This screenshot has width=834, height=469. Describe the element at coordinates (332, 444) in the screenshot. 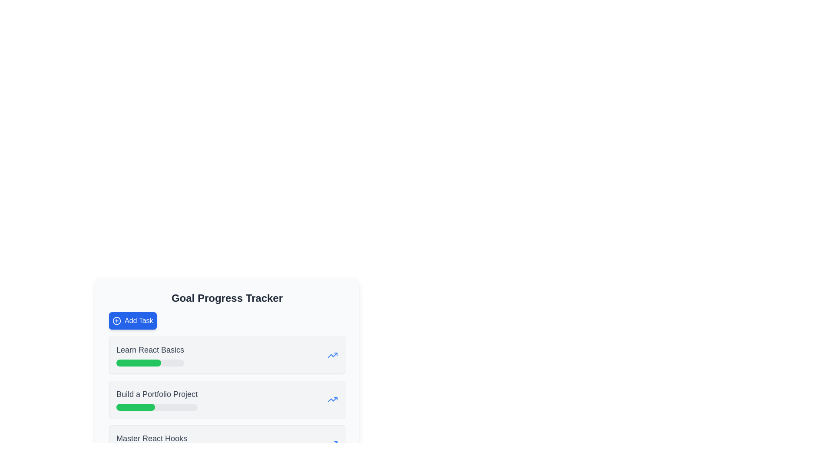

I see `the upward trend icon in the 'Master React Hooks' section, which is styled with thin, rounded blue strokes and located to the right of the text` at that location.